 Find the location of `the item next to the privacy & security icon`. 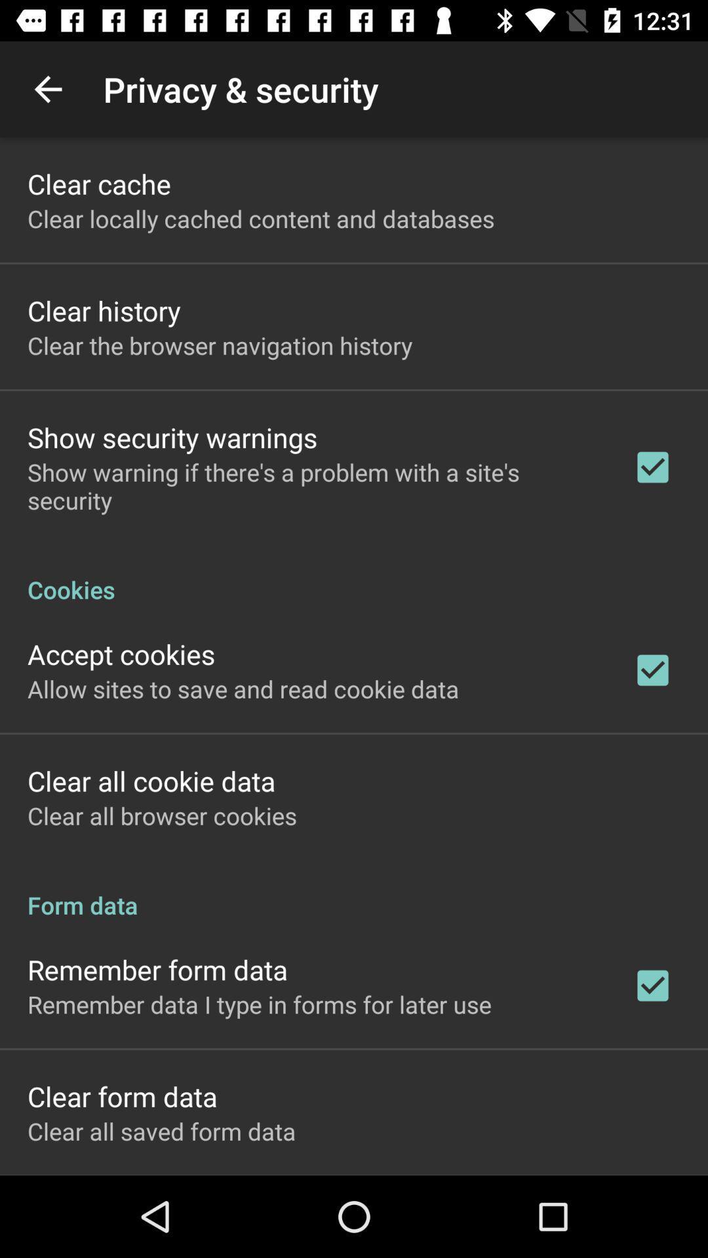

the item next to the privacy & security icon is located at coordinates (47, 88).